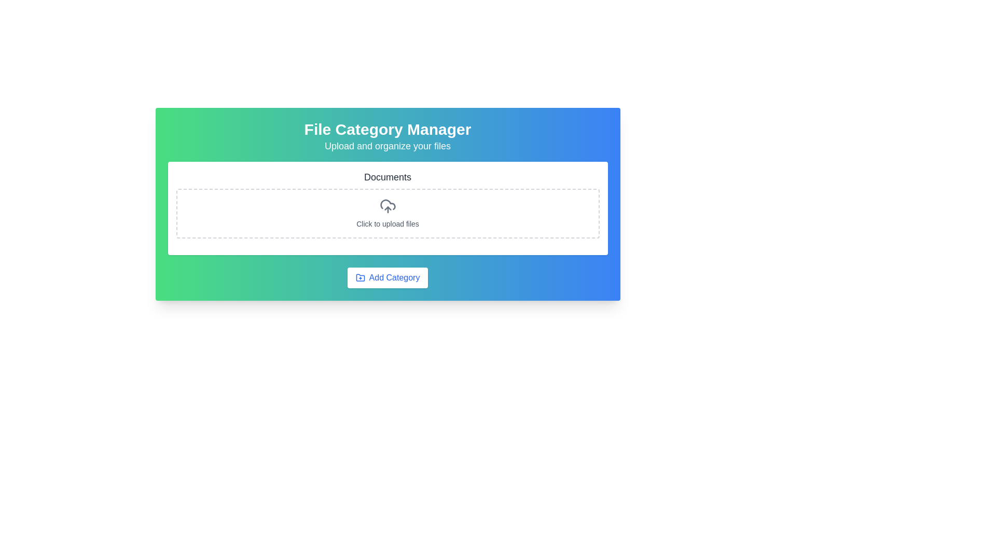  Describe the element at coordinates (387, 223) in the screenshot. I see `the 'Click to upload files' text label, which is small gray text positioned in the center of a dashed-line bordered rectangular area for file uploads` at that location.